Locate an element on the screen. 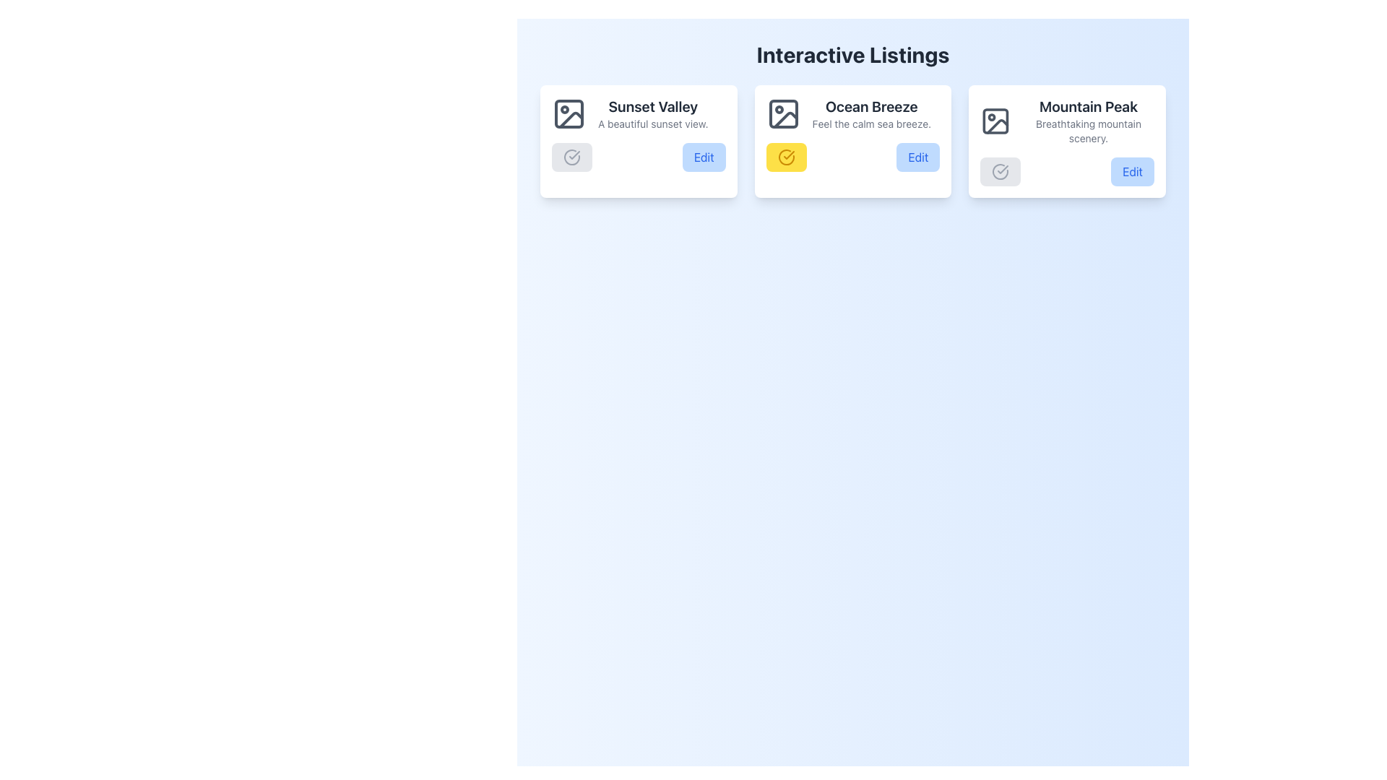 The width and height of the screenshot is (1387, 780). the interactive indicator located below the 'Sunset Valley' text and to the left of the 'Edit' button is located at coordinates (571, 157).